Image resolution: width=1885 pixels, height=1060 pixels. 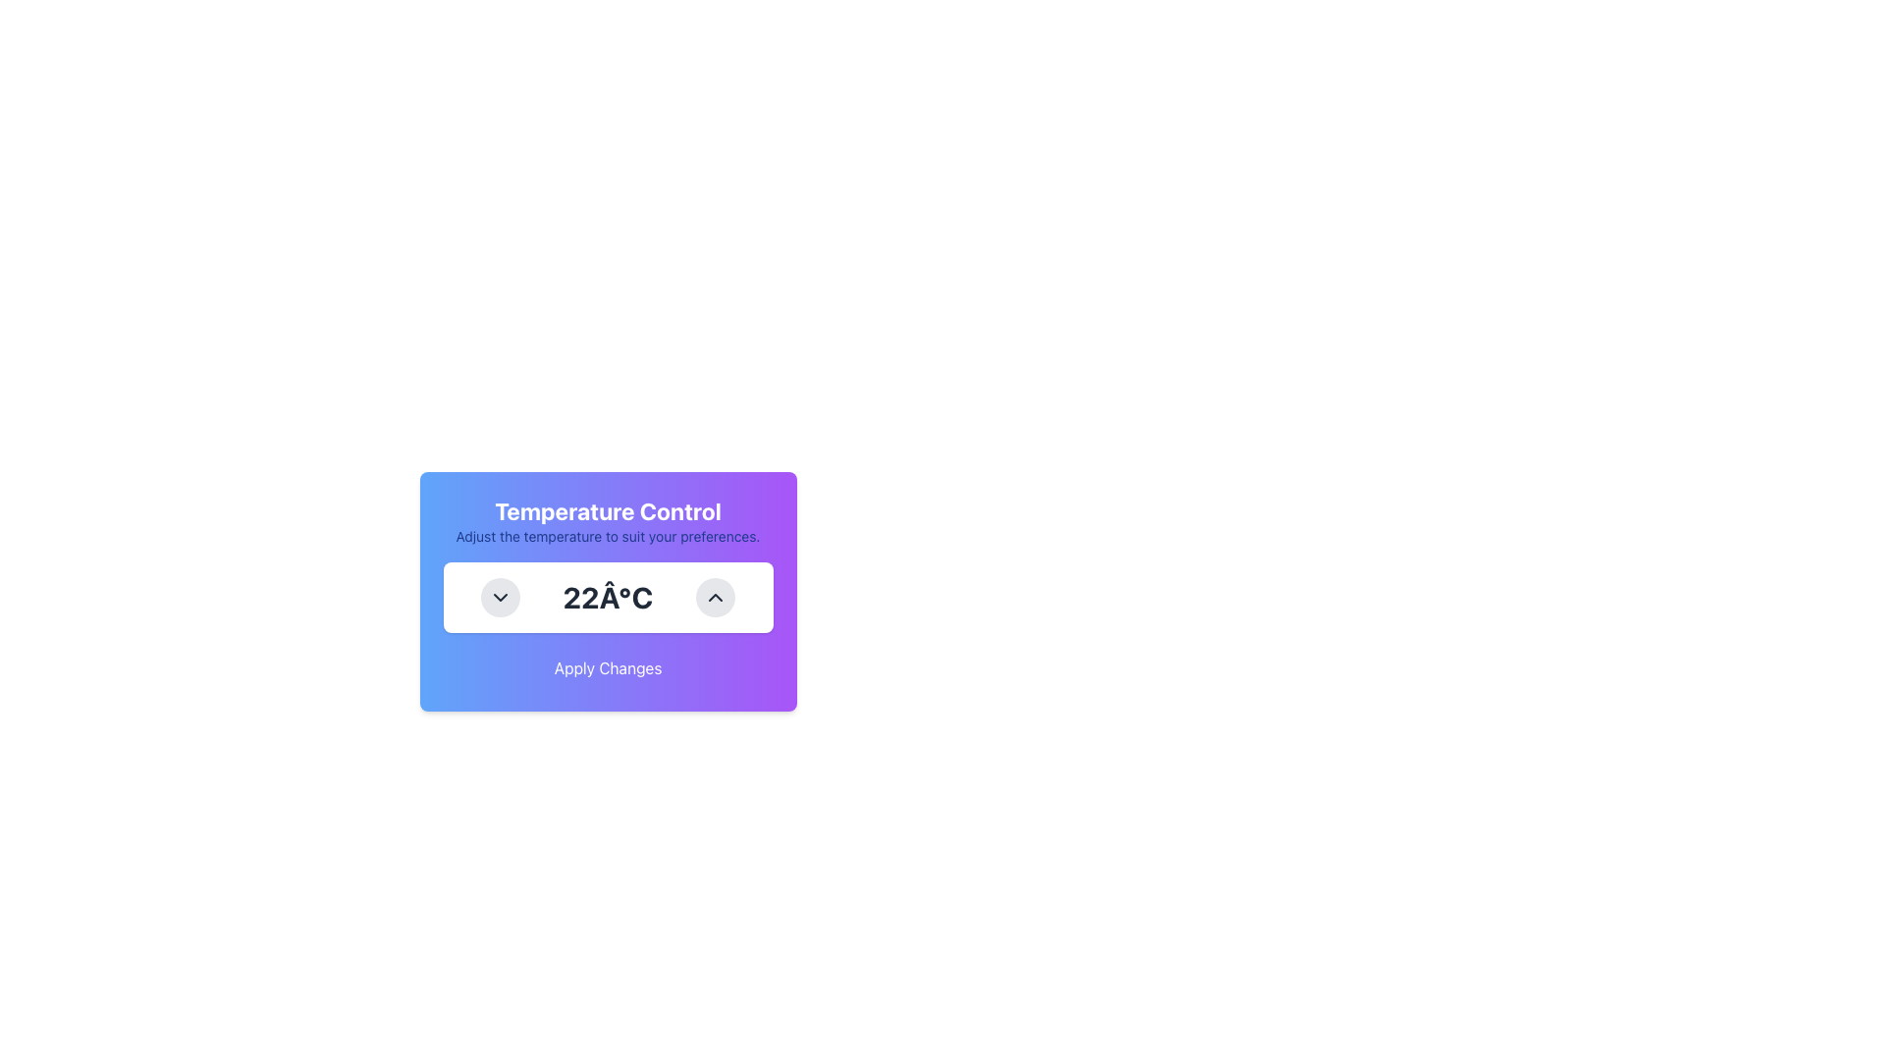 What do you see at coordinates (607, 537) in the screenshot?
I see `descriptive information provided by the Static Text element located below 'Temperature Control' and above the current temperature setting` at bounding box center [607, 537].